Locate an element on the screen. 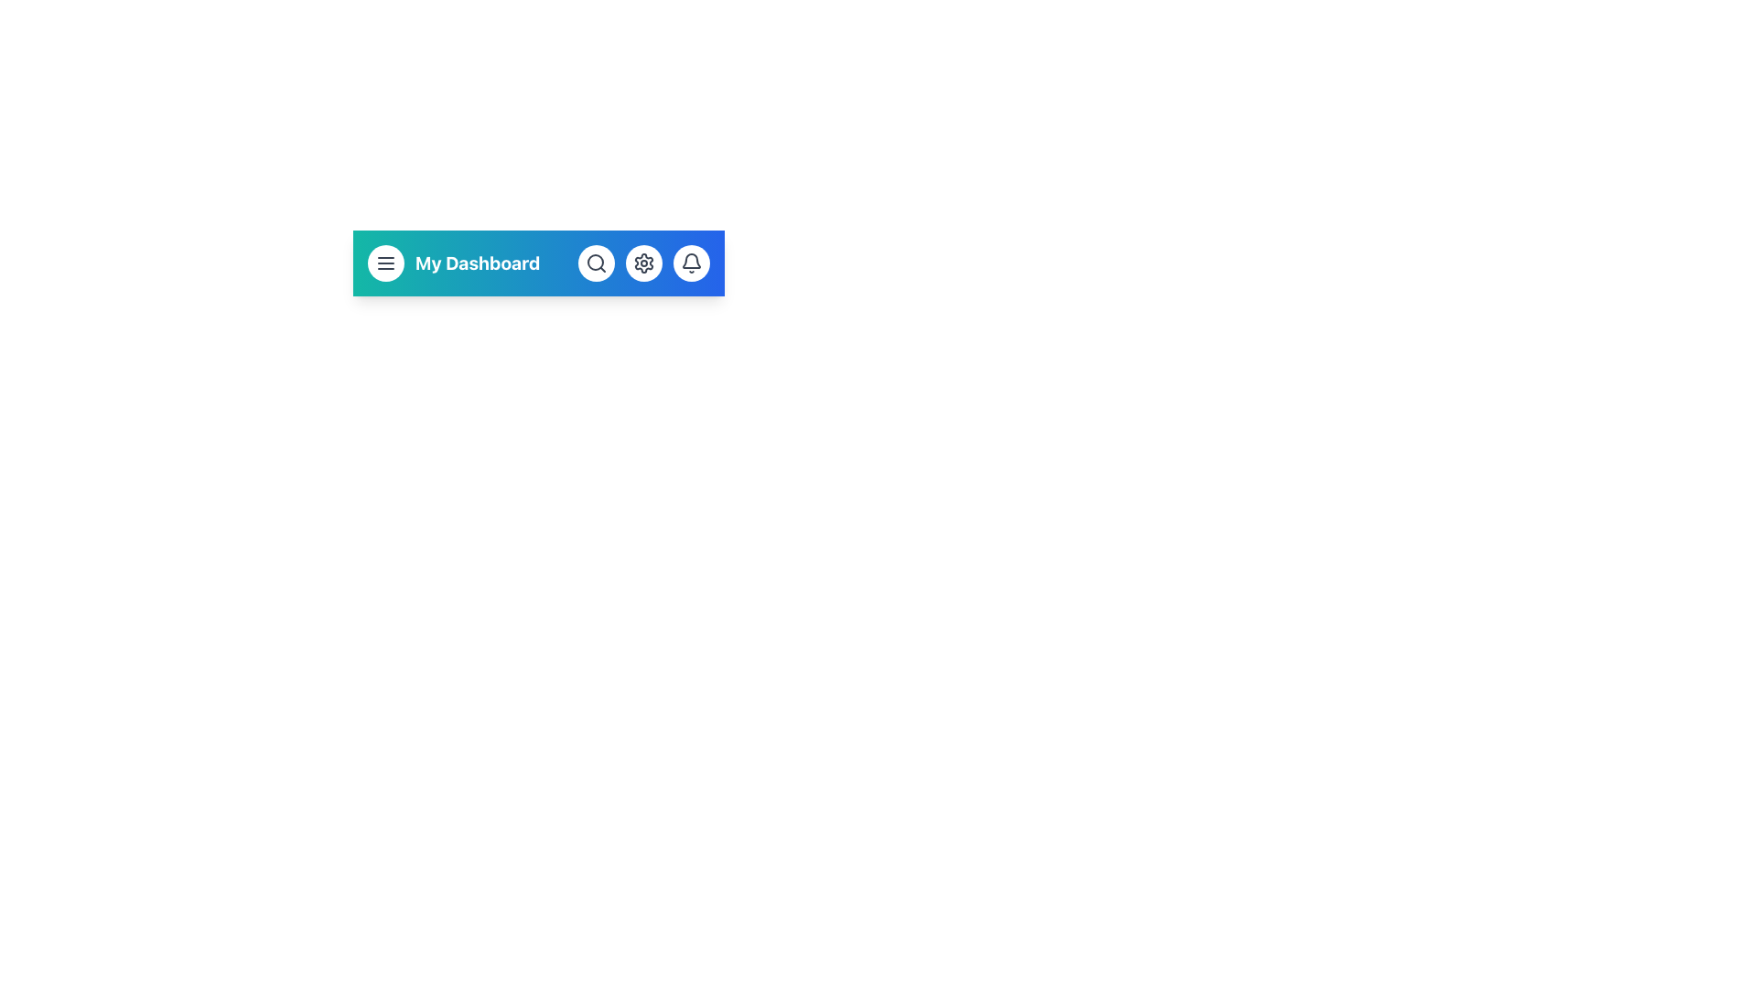 The height and width of the screenshot is (988, 1757). the circular settings button with a gear icon located is located at coordinates (644, 263).